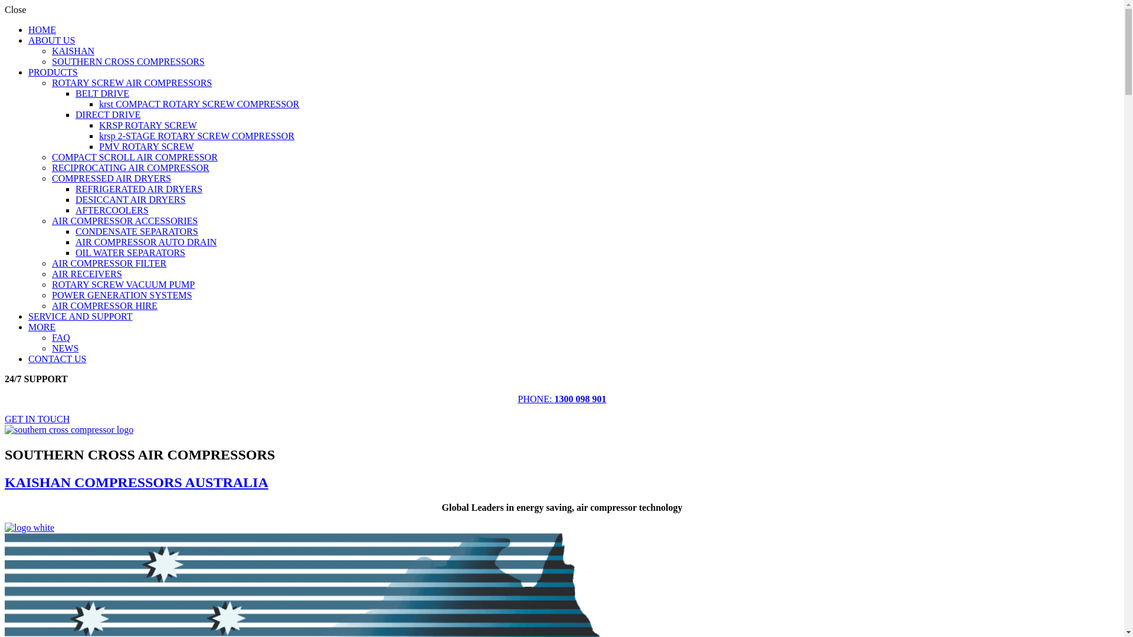 The height and width of the screenshot is (637, 1133). What do you see at coordinates (53, 72) in the screenshot?
I see `'PRODUCTS'` at bounding box center [53, 72].